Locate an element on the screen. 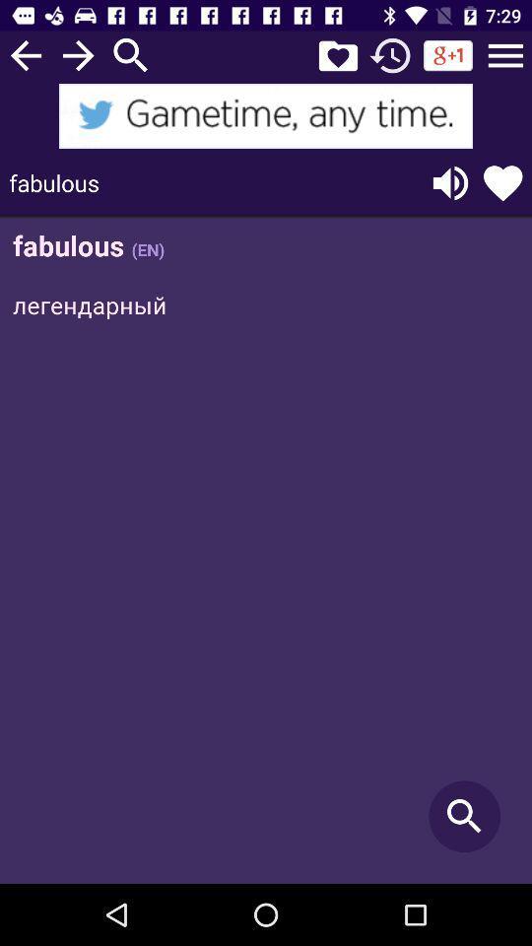  search is located at coordinates (131, 54).